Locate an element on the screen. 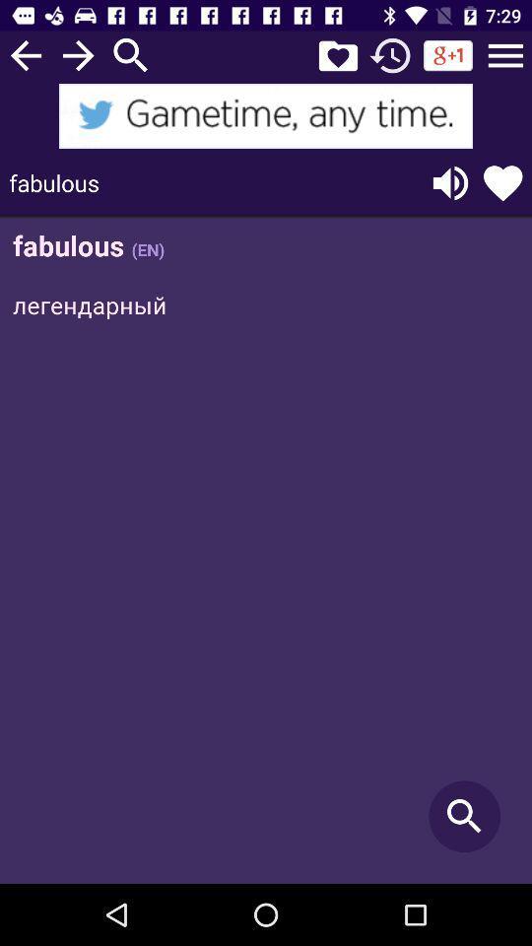  search is located at coordinates (131, 54).